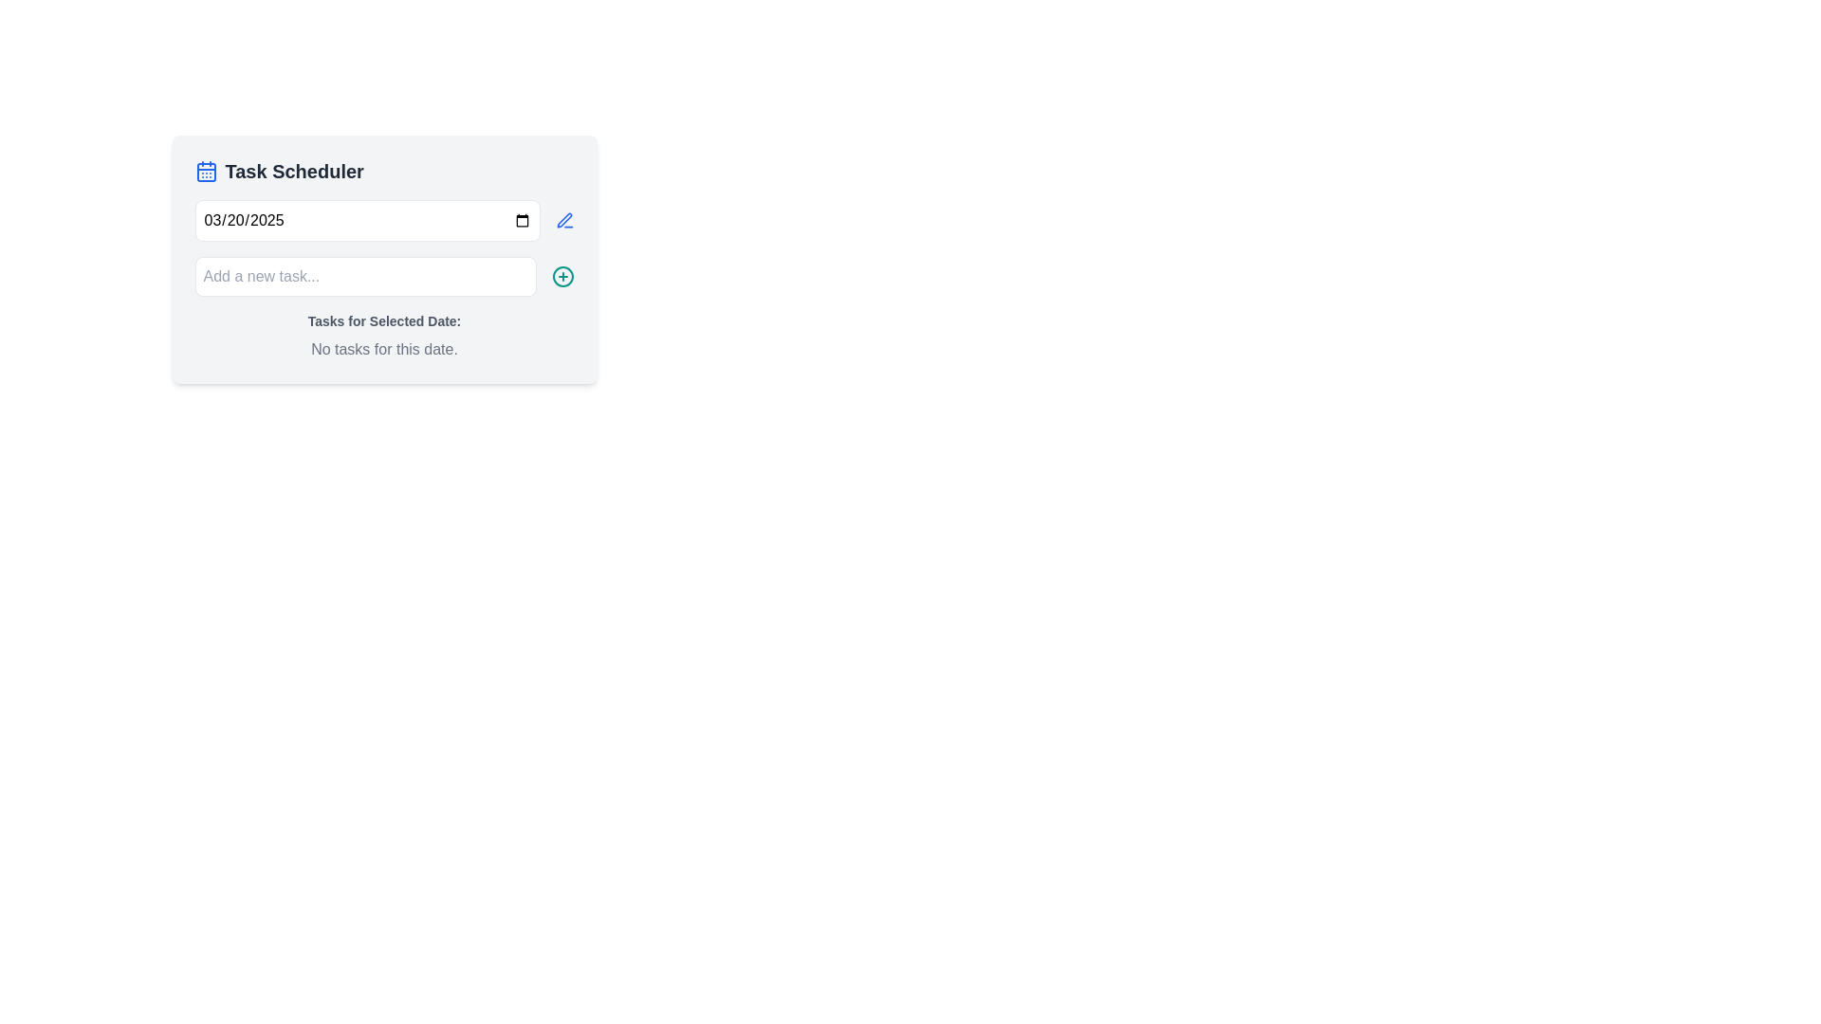  What do you see at coordinates (561, 277) in the screenshot?
I see `the circular plus icon represented by the SVG Circle element located at the bottom-right corner of the task input field in the task scheduler interface` at bounding box center [561, 277].